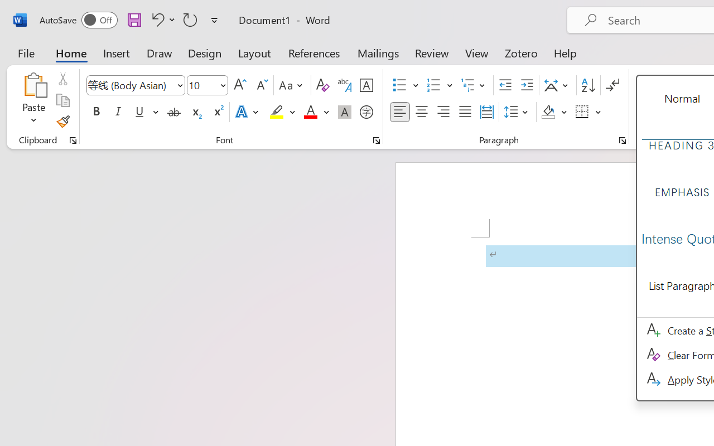 The image size is (714, 446). Describe the element at coordinates (548, 112) in the screenshot. I see `'Shading No Color'` at that location.